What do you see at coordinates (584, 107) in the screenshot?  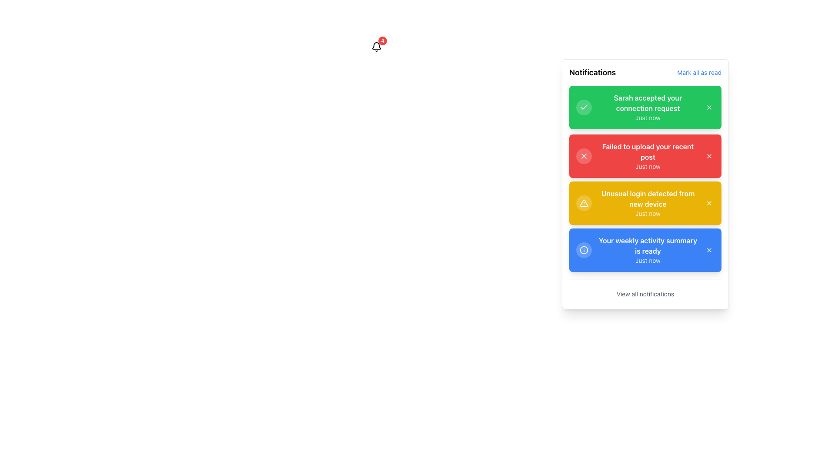 I see `the check mark icon located centrally within the notification card on the topmost green card, to the left of its content text` at bounding box center [584, 107].